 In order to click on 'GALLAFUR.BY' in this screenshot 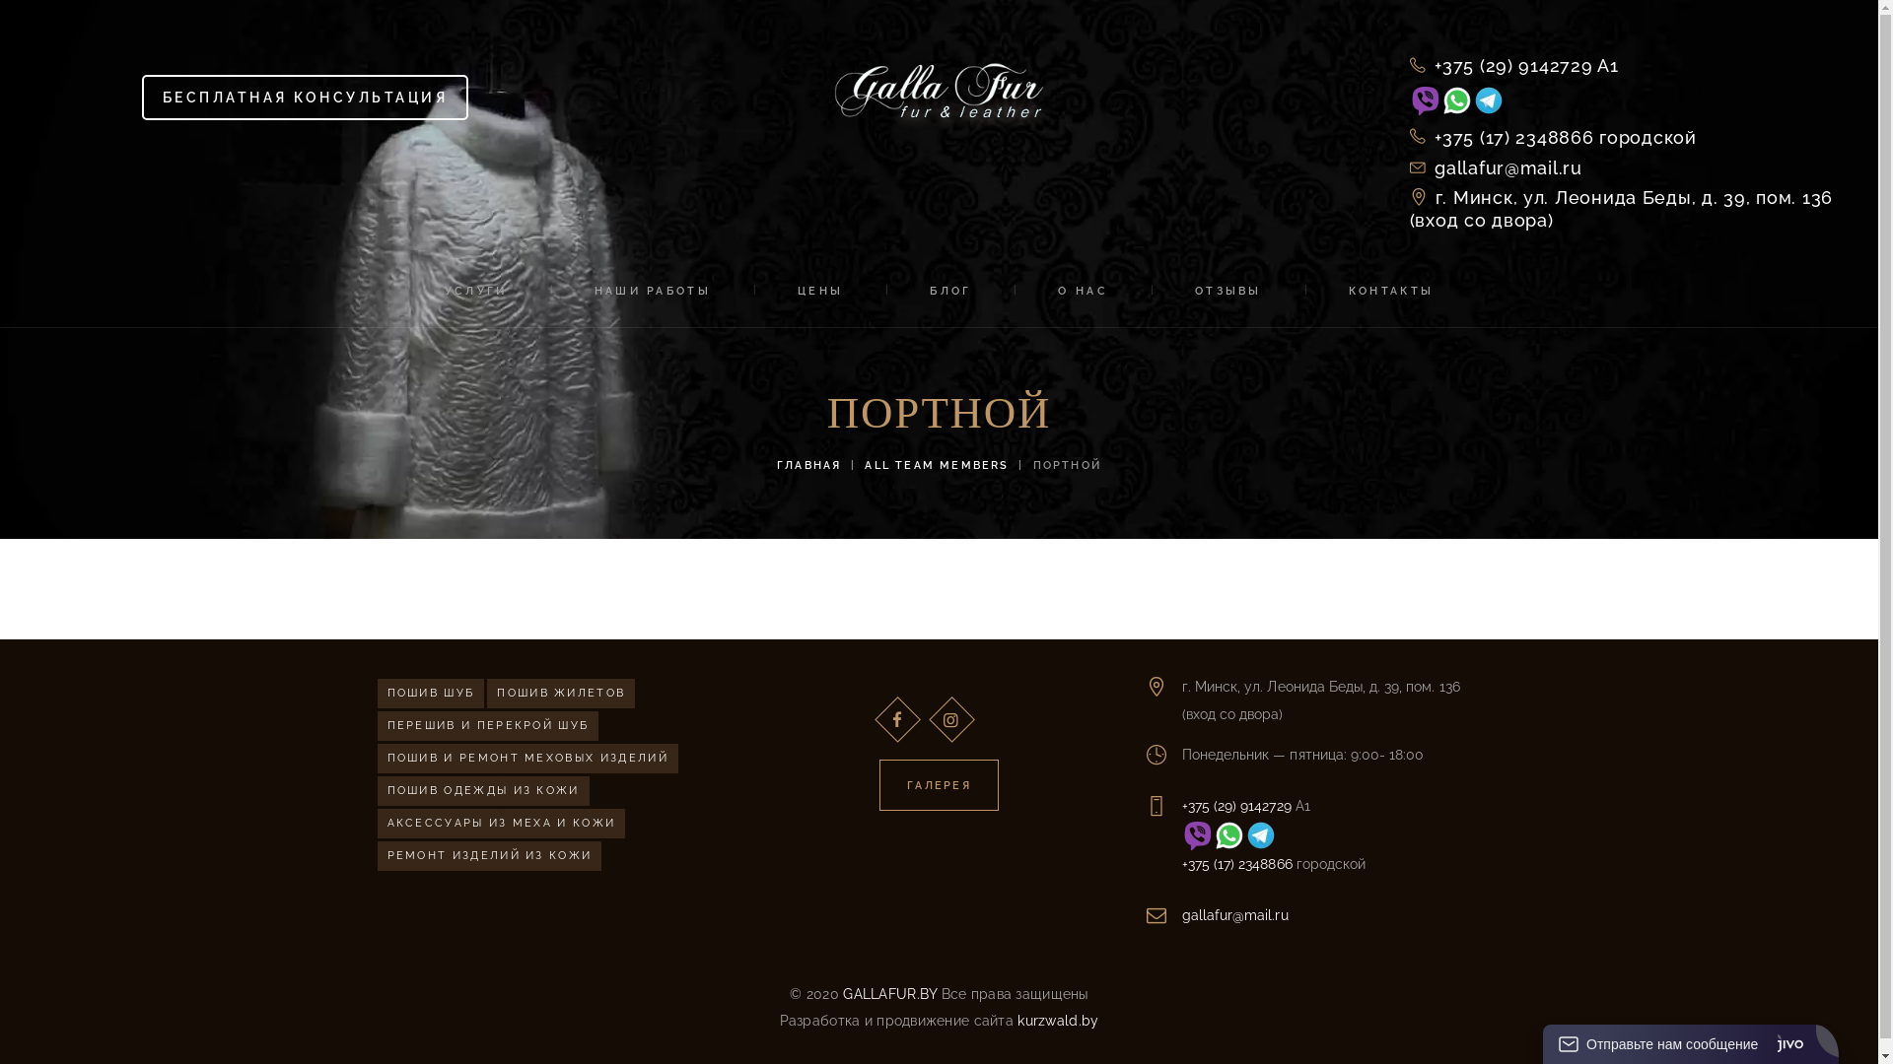, I will do `click(842, 994)`.